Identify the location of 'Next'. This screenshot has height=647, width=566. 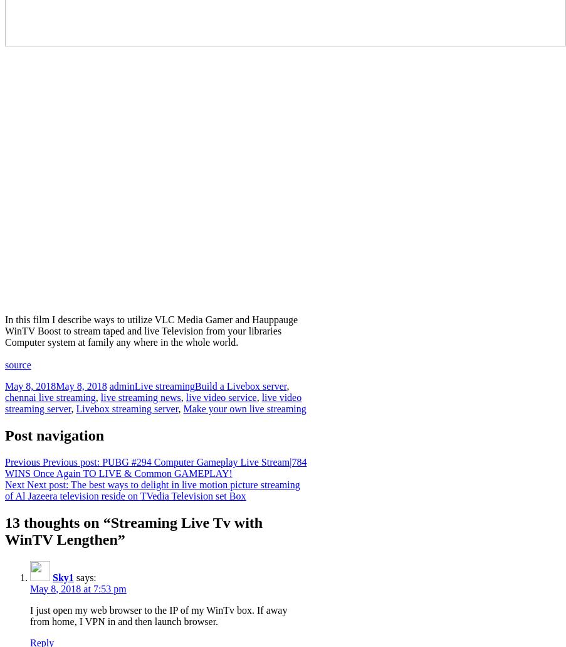
(14, 483).